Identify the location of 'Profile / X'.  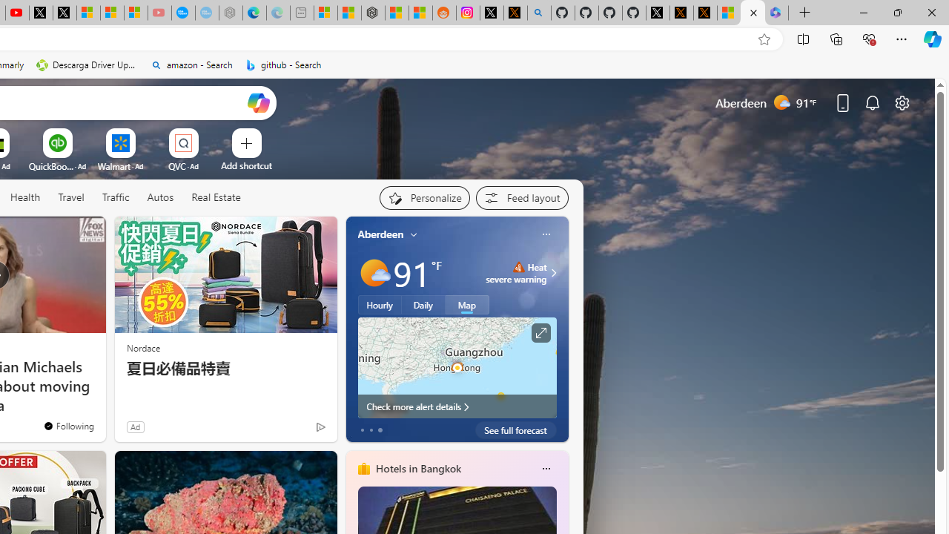
(657, 13).